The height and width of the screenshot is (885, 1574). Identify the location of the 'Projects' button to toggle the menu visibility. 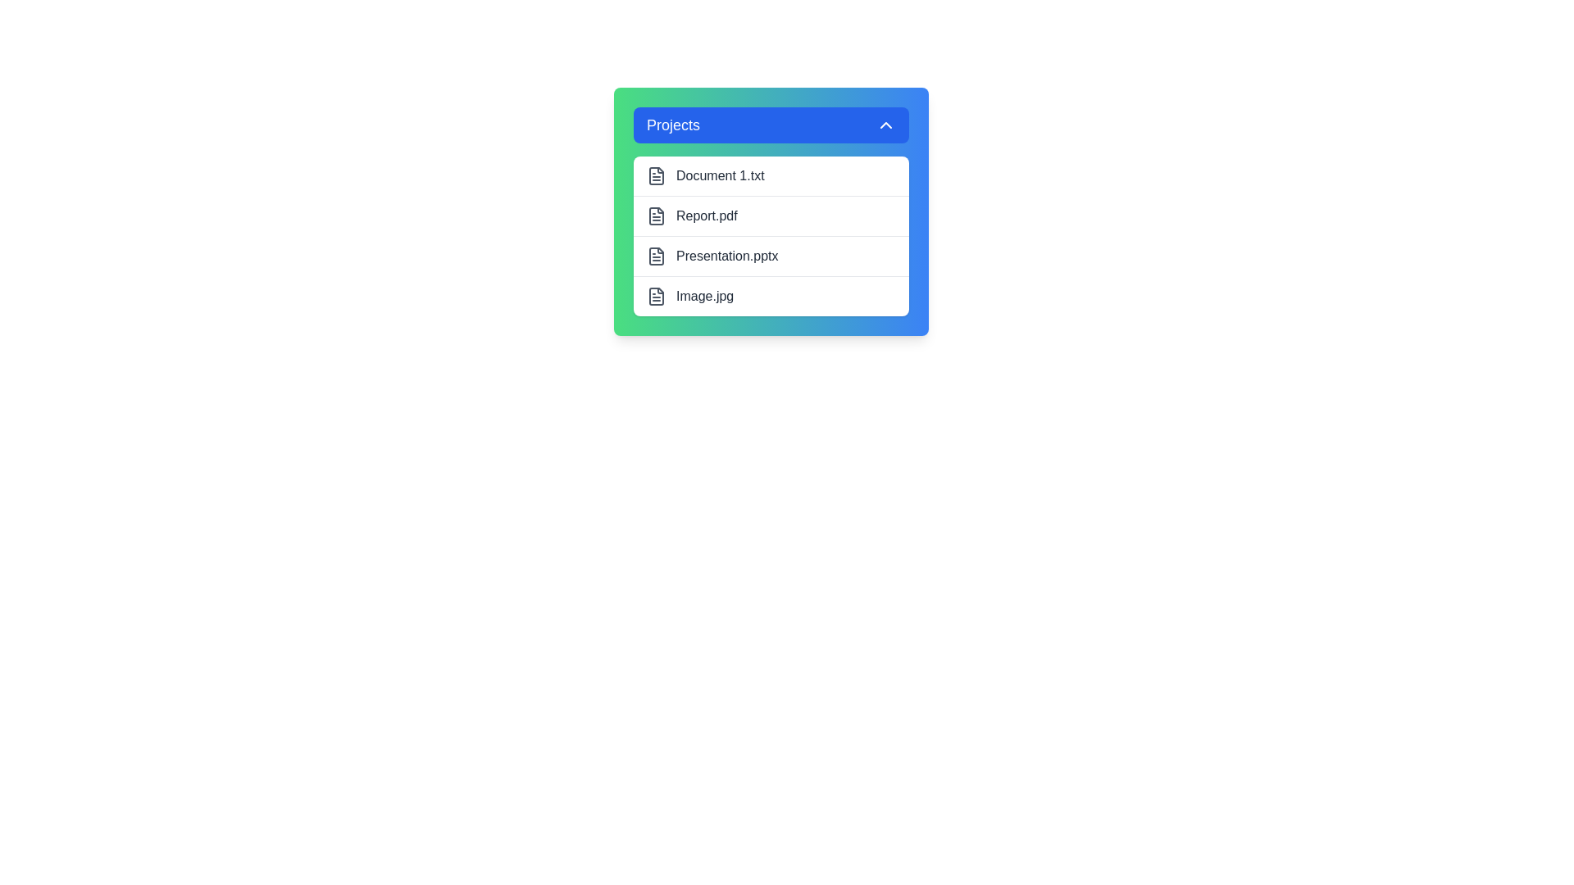
(770, 125).